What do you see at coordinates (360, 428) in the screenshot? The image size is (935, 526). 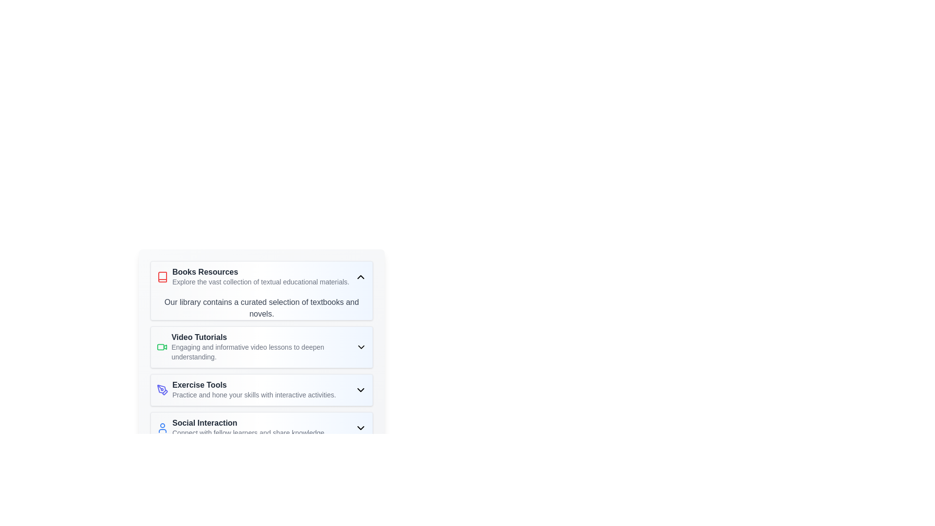 I see `the Icon Button (Chevron-Down) located at the far right edge of the 'Social Interaction' section header` at bounding box center [360, 428].